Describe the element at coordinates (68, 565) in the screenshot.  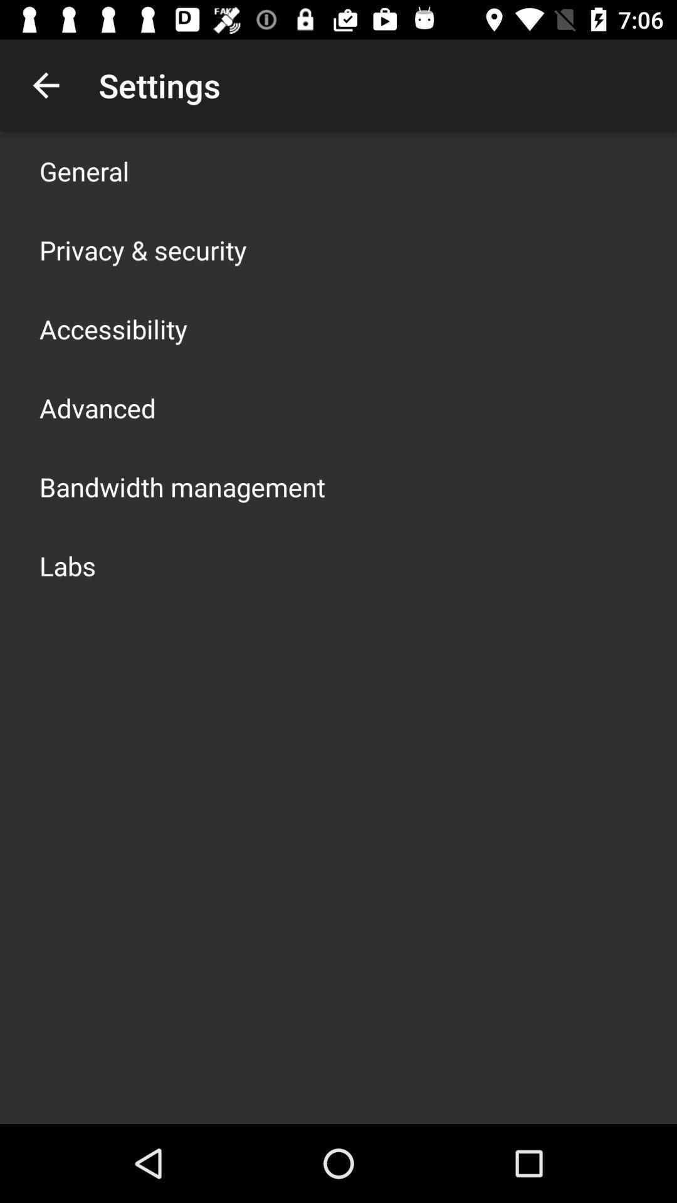
I see `the labs app` at that location.